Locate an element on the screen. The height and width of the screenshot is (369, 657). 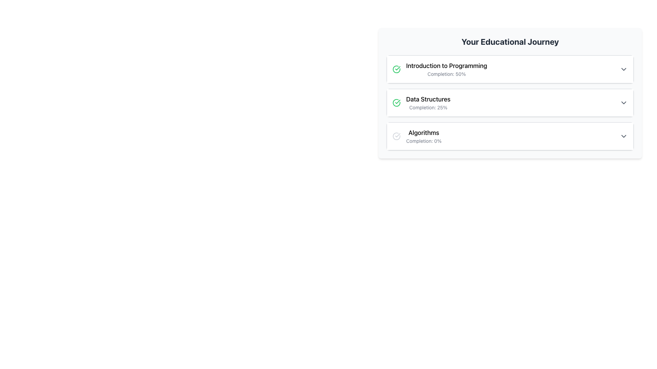
the 'Data Structures' course module list item, which includes a text label, progress indicator, and an icon is located at coordinates (421, 102).